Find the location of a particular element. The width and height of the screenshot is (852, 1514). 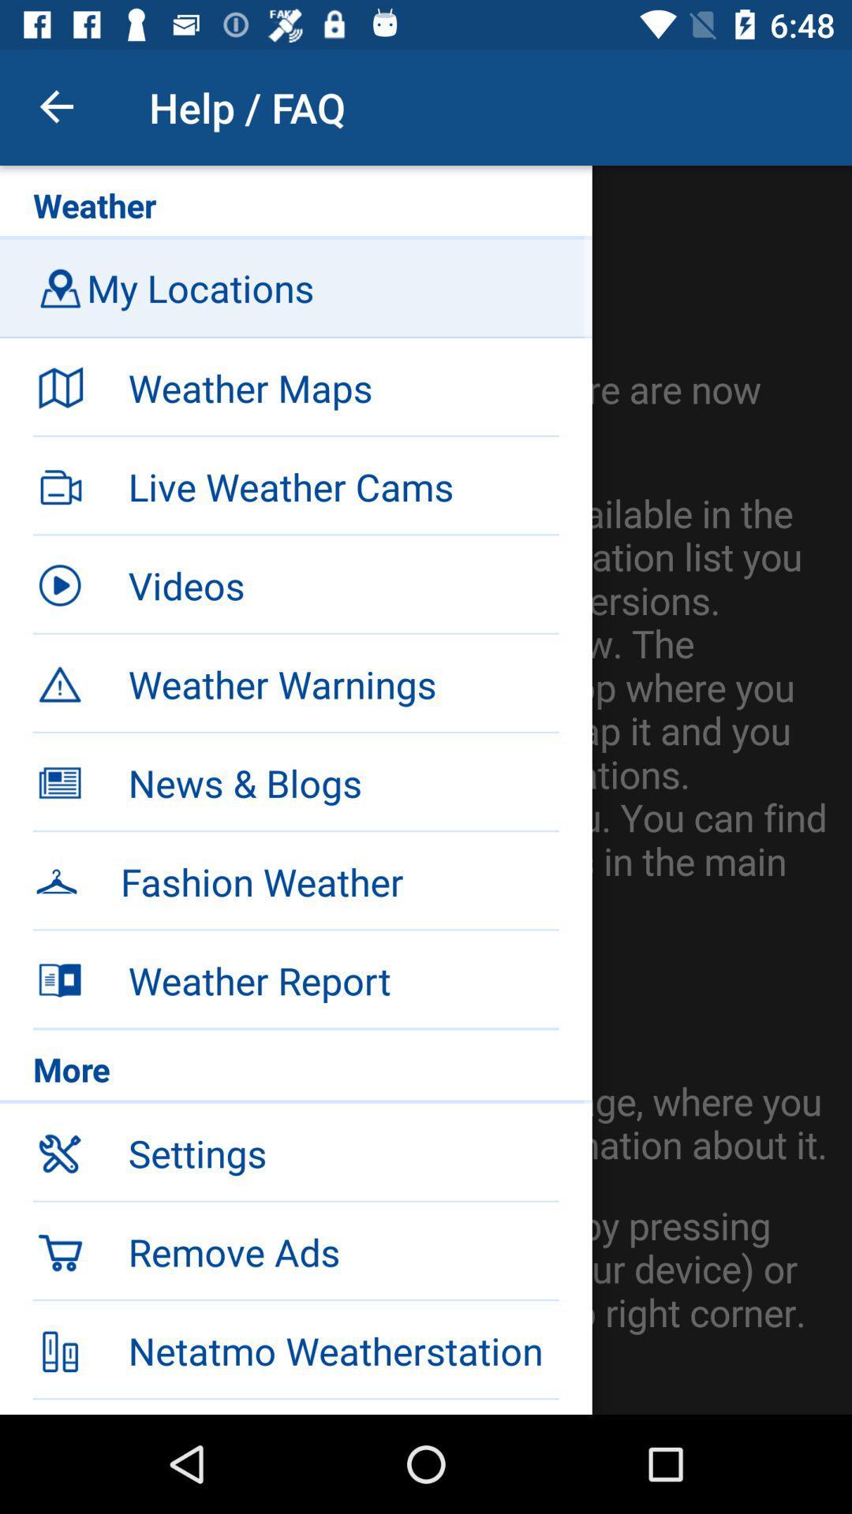

the icon below the remove ads item is located at coordinates (342, 1350).